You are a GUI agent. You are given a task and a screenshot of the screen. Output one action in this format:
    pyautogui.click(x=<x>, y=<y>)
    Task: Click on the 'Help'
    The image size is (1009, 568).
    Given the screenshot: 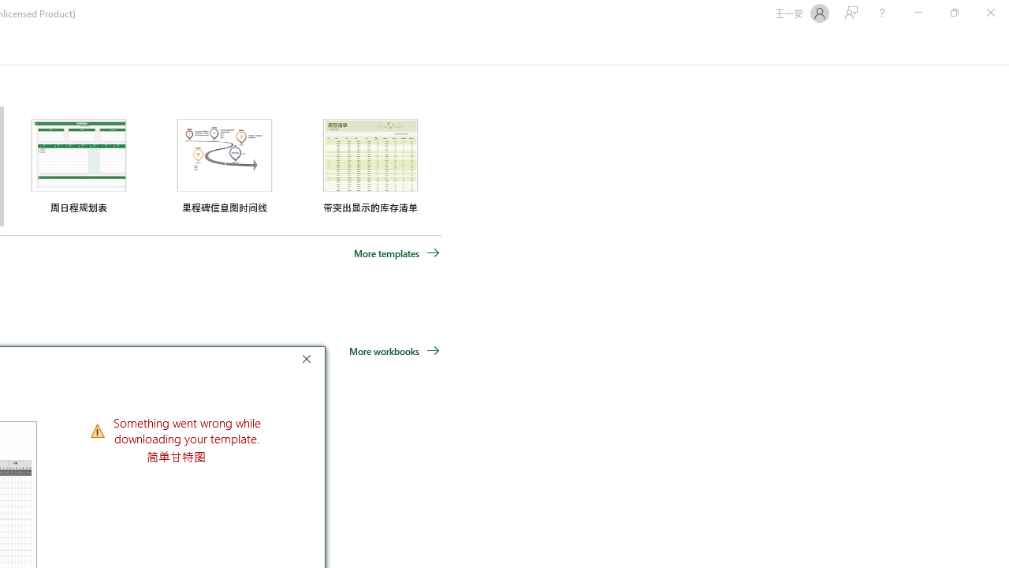 What is the action you would take?
    pyautogui.click(x=881, y=13)
    